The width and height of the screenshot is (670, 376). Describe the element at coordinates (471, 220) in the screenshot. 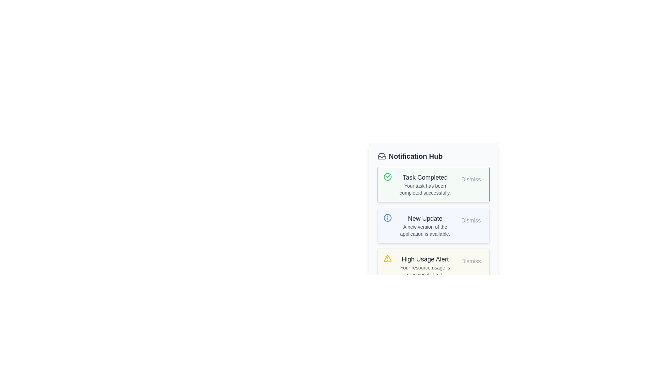

I see `the 'Dismiss' button in the upper-right corner of the 'New Update' notification to change its background color` at that location.